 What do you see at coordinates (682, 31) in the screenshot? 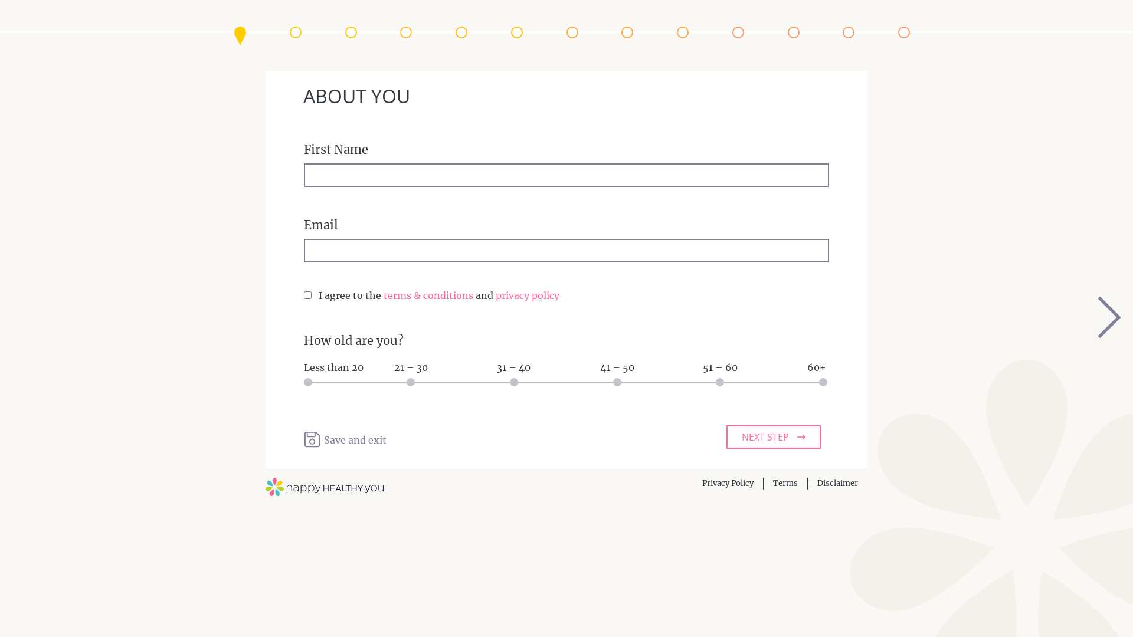
I see `'Liver & Digestive System'` at bounding box center [682, 31].